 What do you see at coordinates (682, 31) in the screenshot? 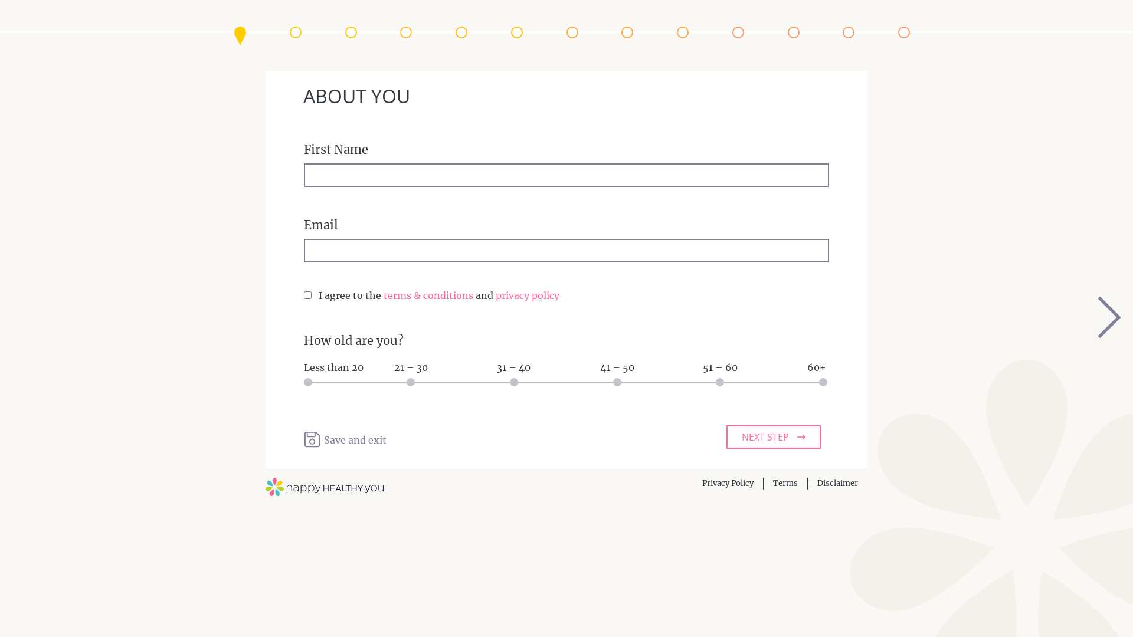
I see `'Liver & Digestive System'` at bounding box center [682, 31].